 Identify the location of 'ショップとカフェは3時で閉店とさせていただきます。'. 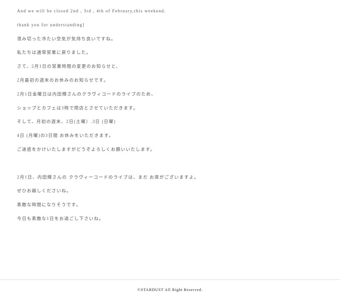
(78, 107).